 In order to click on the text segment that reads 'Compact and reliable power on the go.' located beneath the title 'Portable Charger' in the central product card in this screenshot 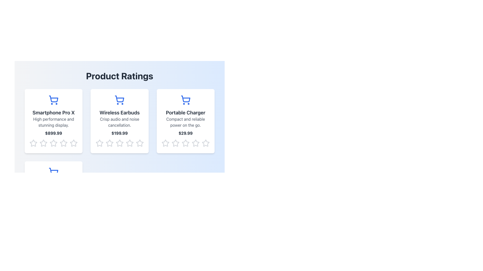, I will do `click(185, 122)`.